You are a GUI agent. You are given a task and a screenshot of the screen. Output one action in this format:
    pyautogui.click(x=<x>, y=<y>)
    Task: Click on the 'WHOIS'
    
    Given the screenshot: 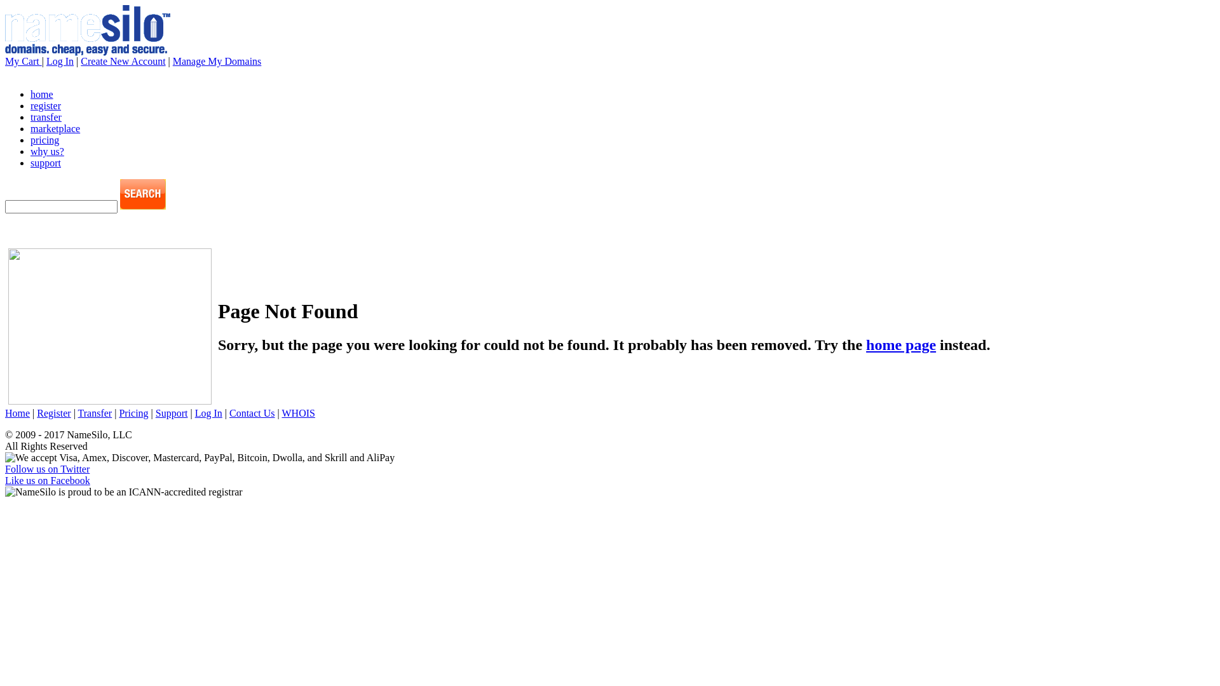 What is the action you would take?
    pyautogui.click(x=297, y=413)
    